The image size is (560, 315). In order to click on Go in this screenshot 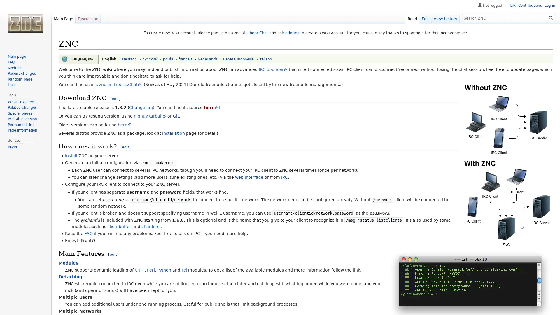, I will do `click(551, 17)`.